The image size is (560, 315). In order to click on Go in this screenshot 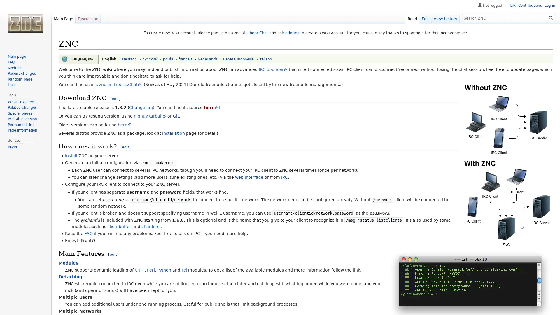, I will do `click(551, 17)`.